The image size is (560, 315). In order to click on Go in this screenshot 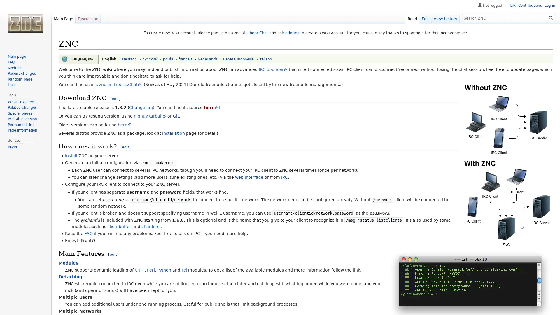, I will do `click(551, 17)`.